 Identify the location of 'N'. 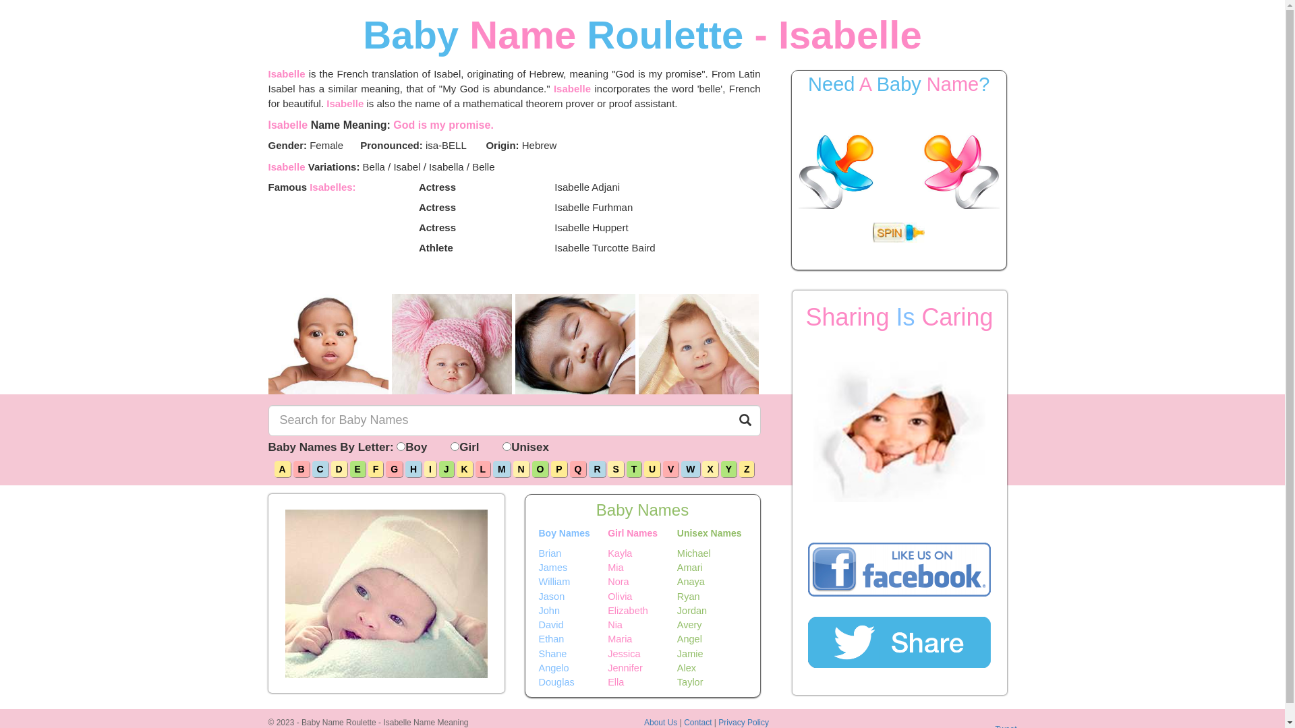
(520, 468).